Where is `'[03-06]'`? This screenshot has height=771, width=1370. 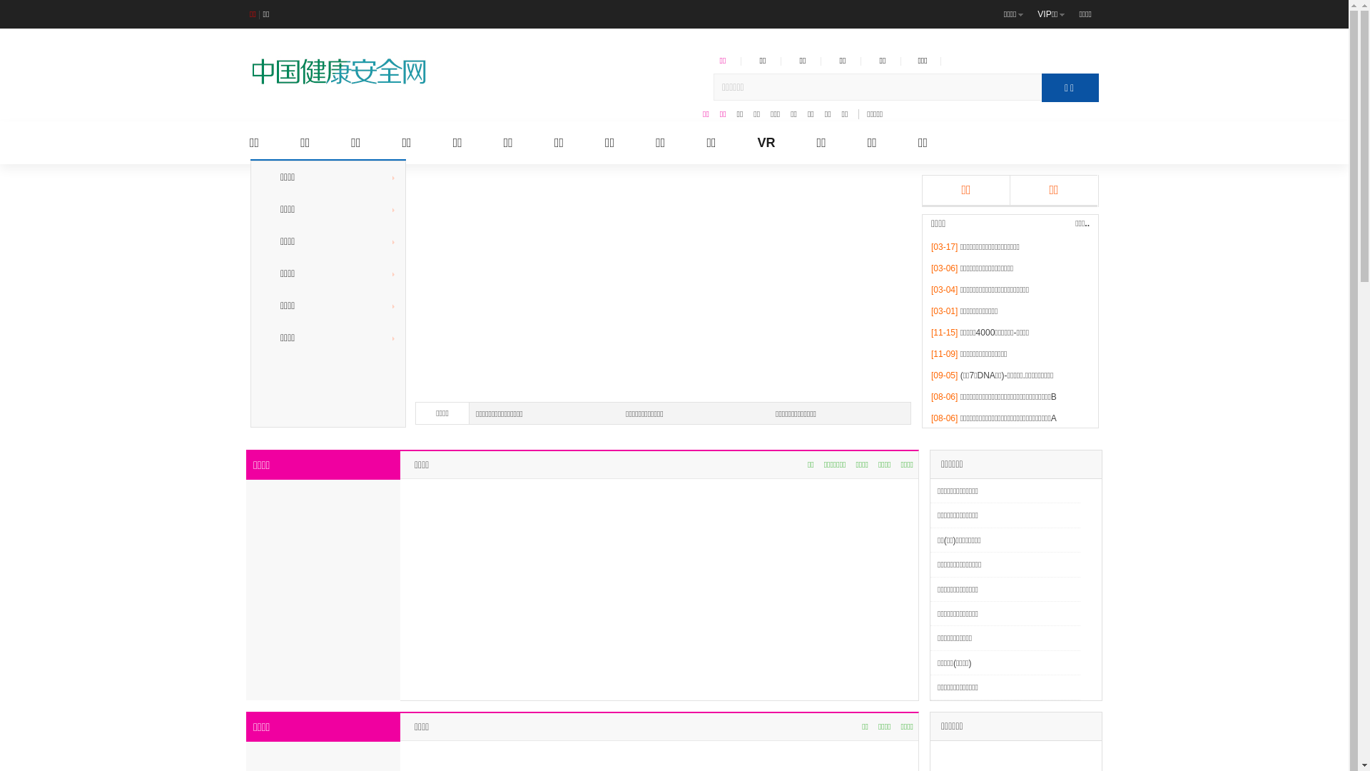 '[03-06]' is located at coordinates (944, 268).